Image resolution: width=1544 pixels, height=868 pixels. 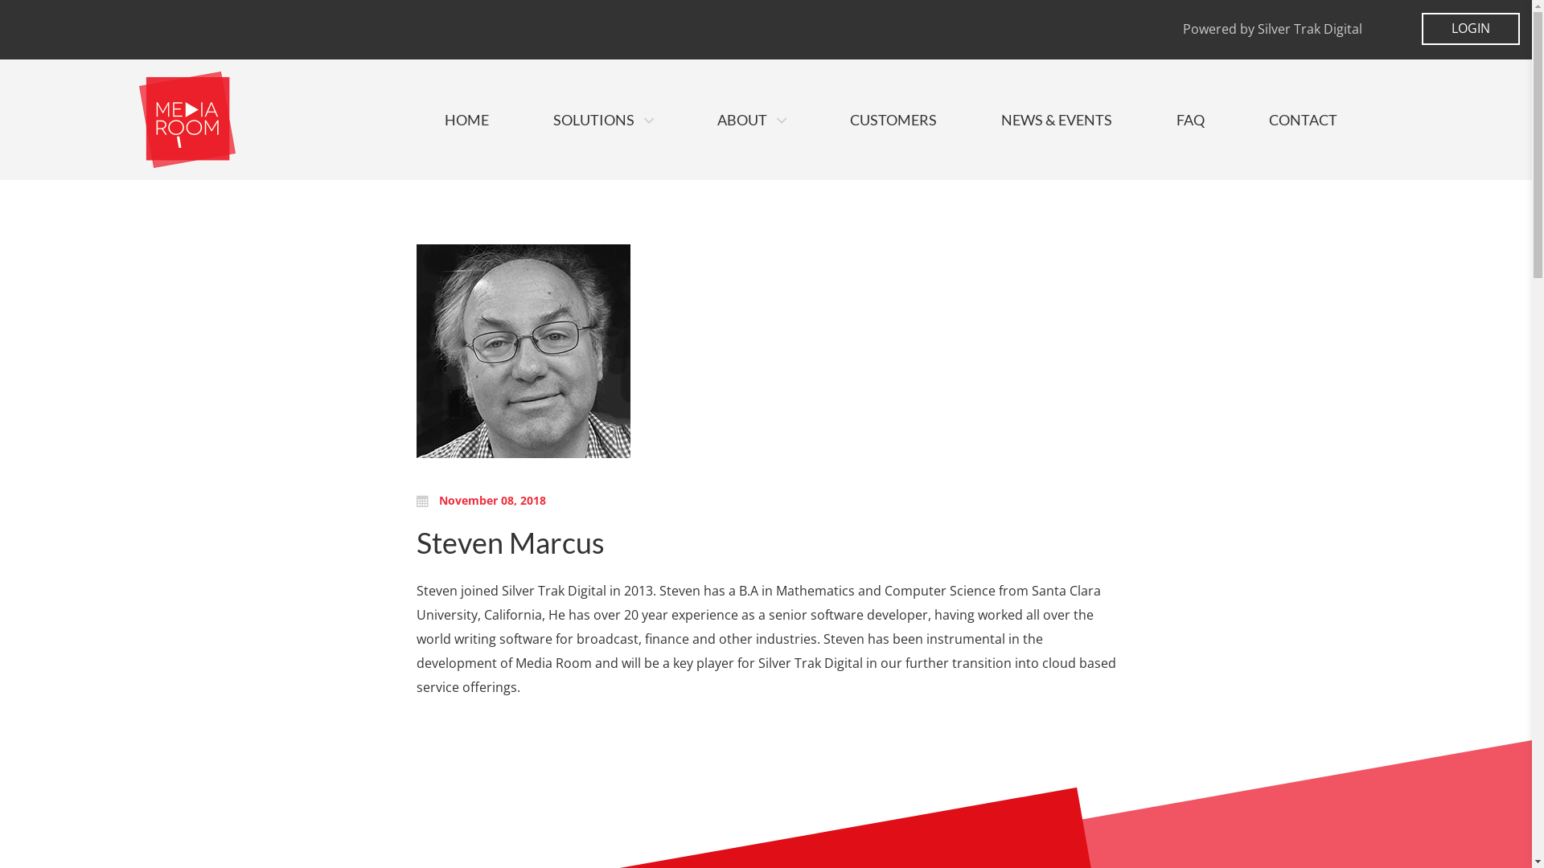 What do you see at coordinates (750, 119) in the screenshot?
I see `'ABOUT'` at bounding box center [750, 119].